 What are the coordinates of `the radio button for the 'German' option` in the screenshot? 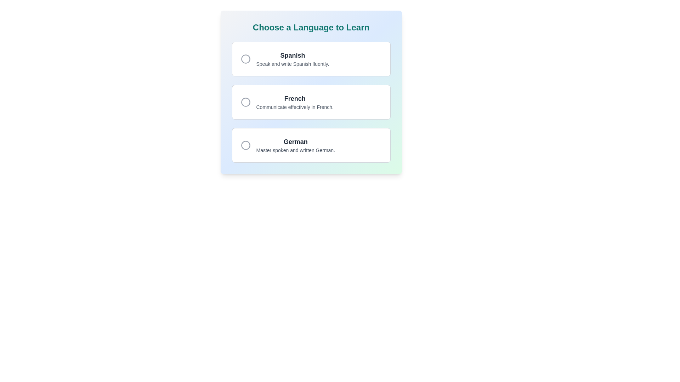 It's located at (245, 145).